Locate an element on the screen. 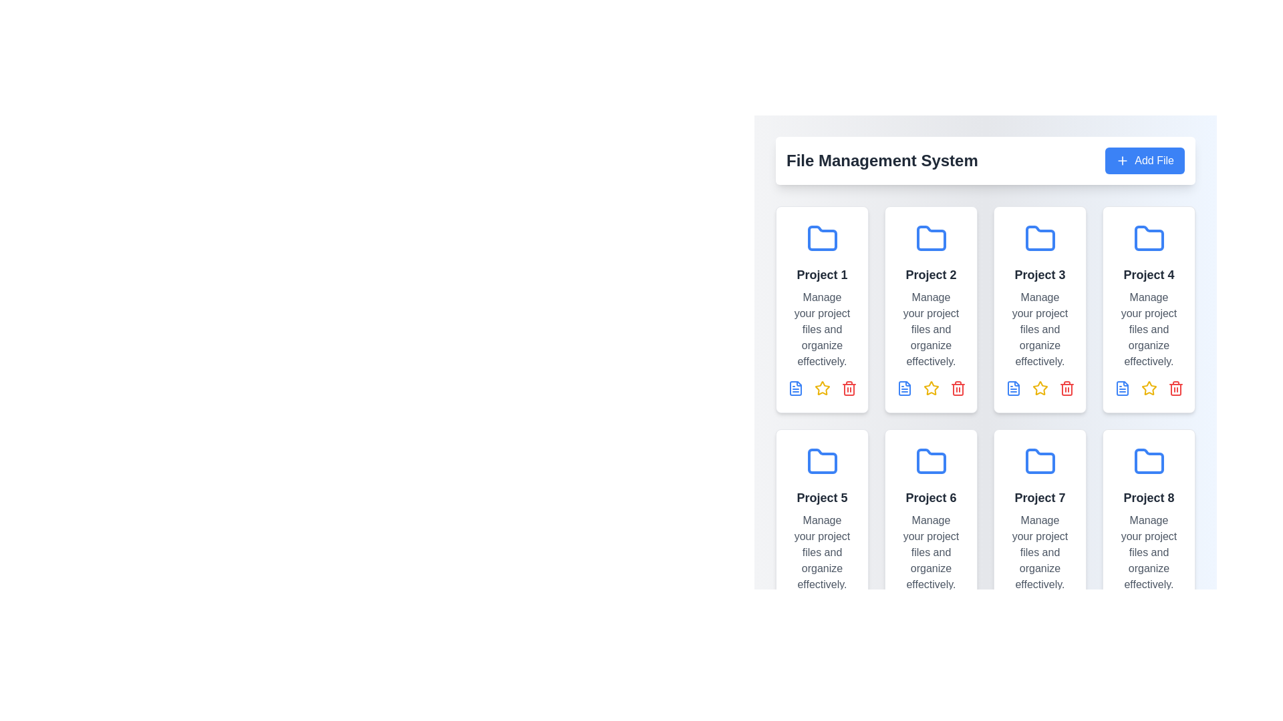  the folder icon representing the 'Project 2' directory in the file management system interface, located at the top section of the card labeled 'Project 2' is located at coordinates (930, 238).